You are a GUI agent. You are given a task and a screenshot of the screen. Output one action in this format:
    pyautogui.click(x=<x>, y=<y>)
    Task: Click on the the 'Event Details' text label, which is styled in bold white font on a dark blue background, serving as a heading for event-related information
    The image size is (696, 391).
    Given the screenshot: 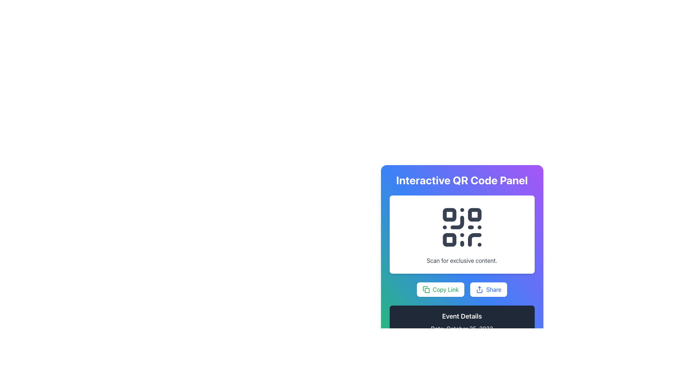 What is the action you would take?
    pyautogui.click(x=461, y=316)
    